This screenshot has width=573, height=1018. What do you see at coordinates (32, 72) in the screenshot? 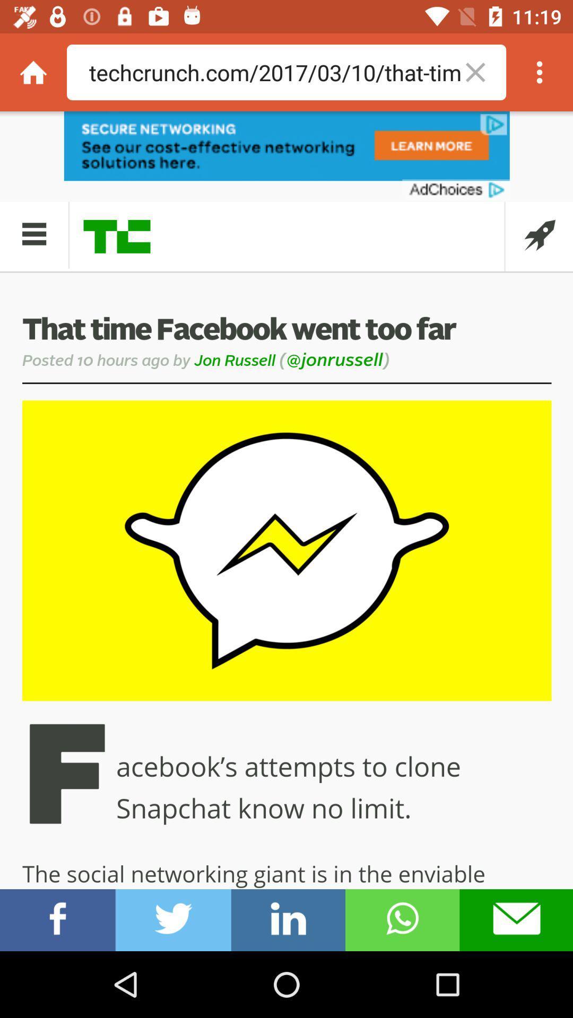
I see `homepage` at bounding box center [32, 72].